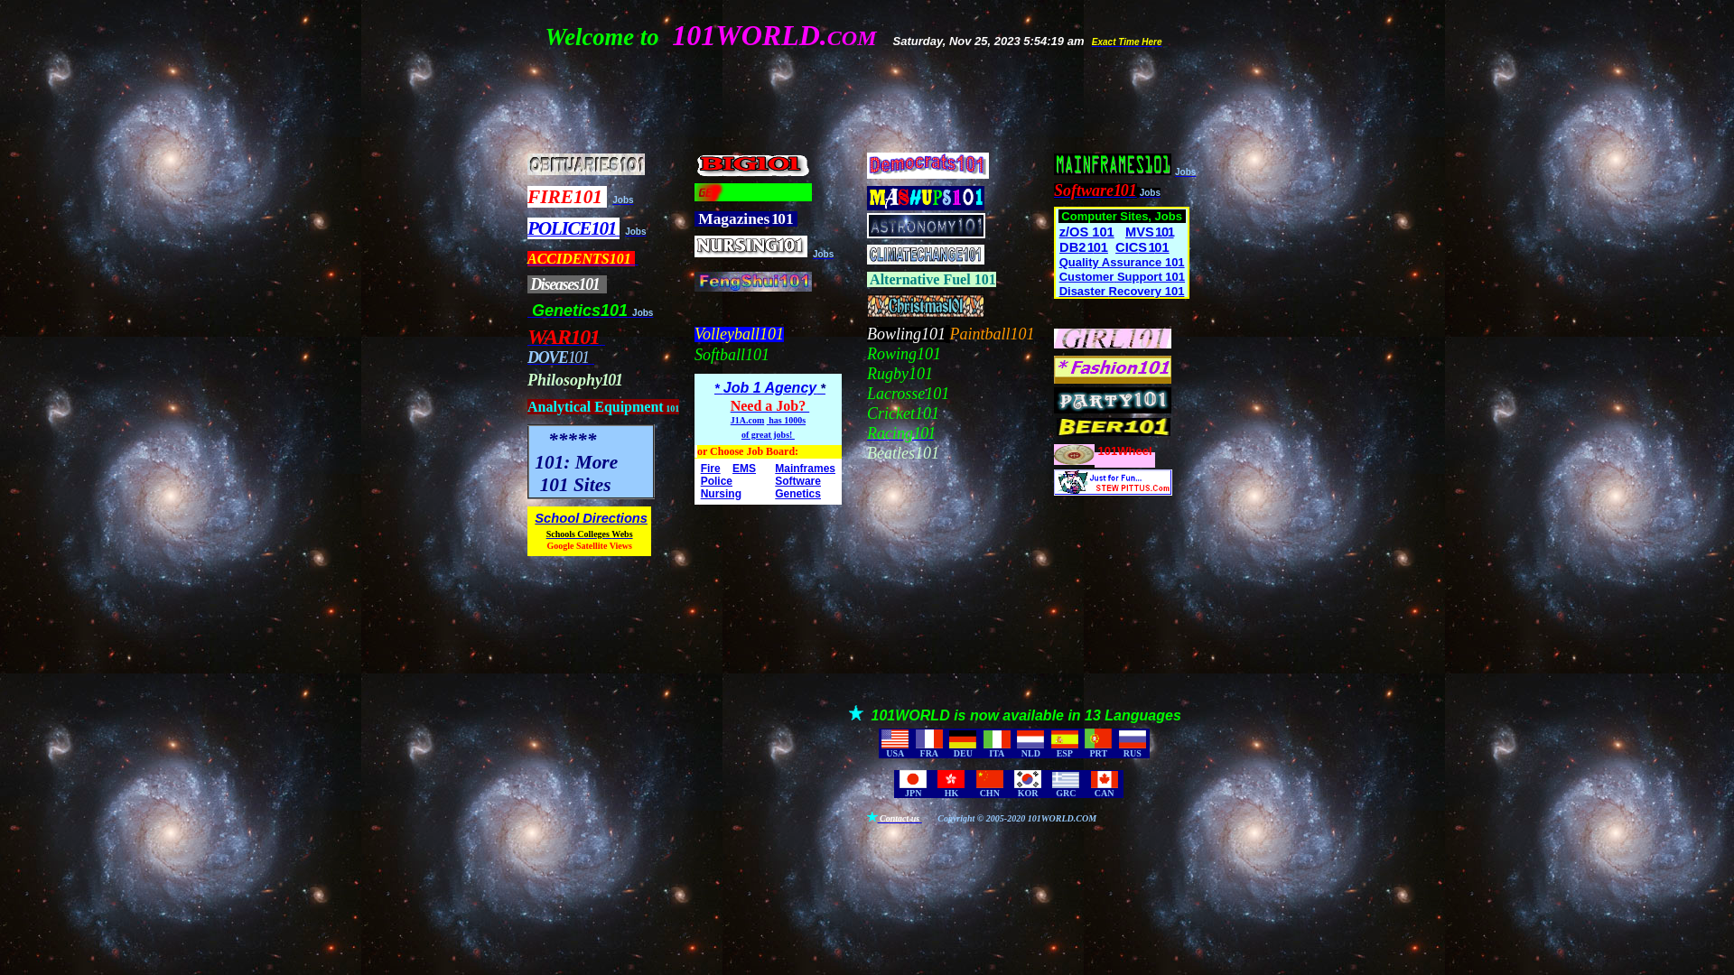 Image resolution: width=1734 pixels, height=975 pixels. I want to click on 'Recovery 101', so click(1108, 289).